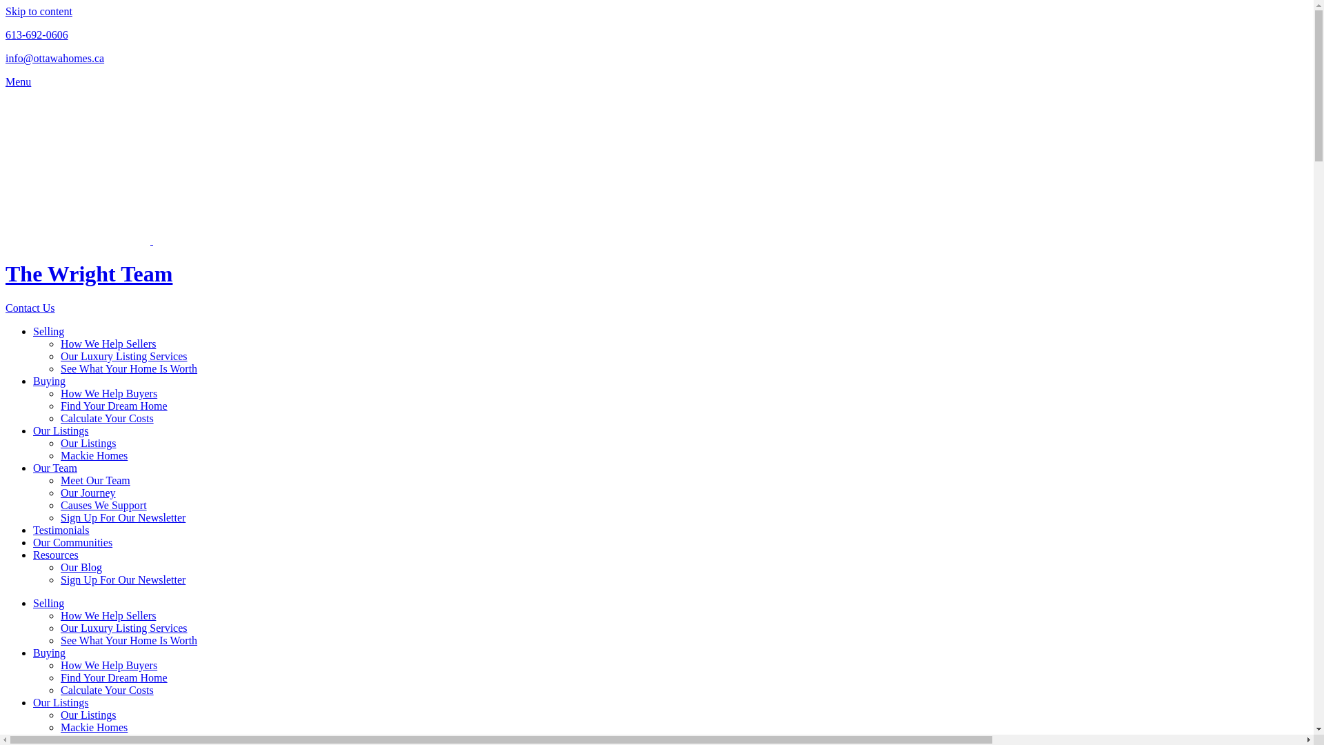  Describe the element at coordinates (129, 640) in the screenshot. I see `'See What Your Home Is Worth'` at that location.